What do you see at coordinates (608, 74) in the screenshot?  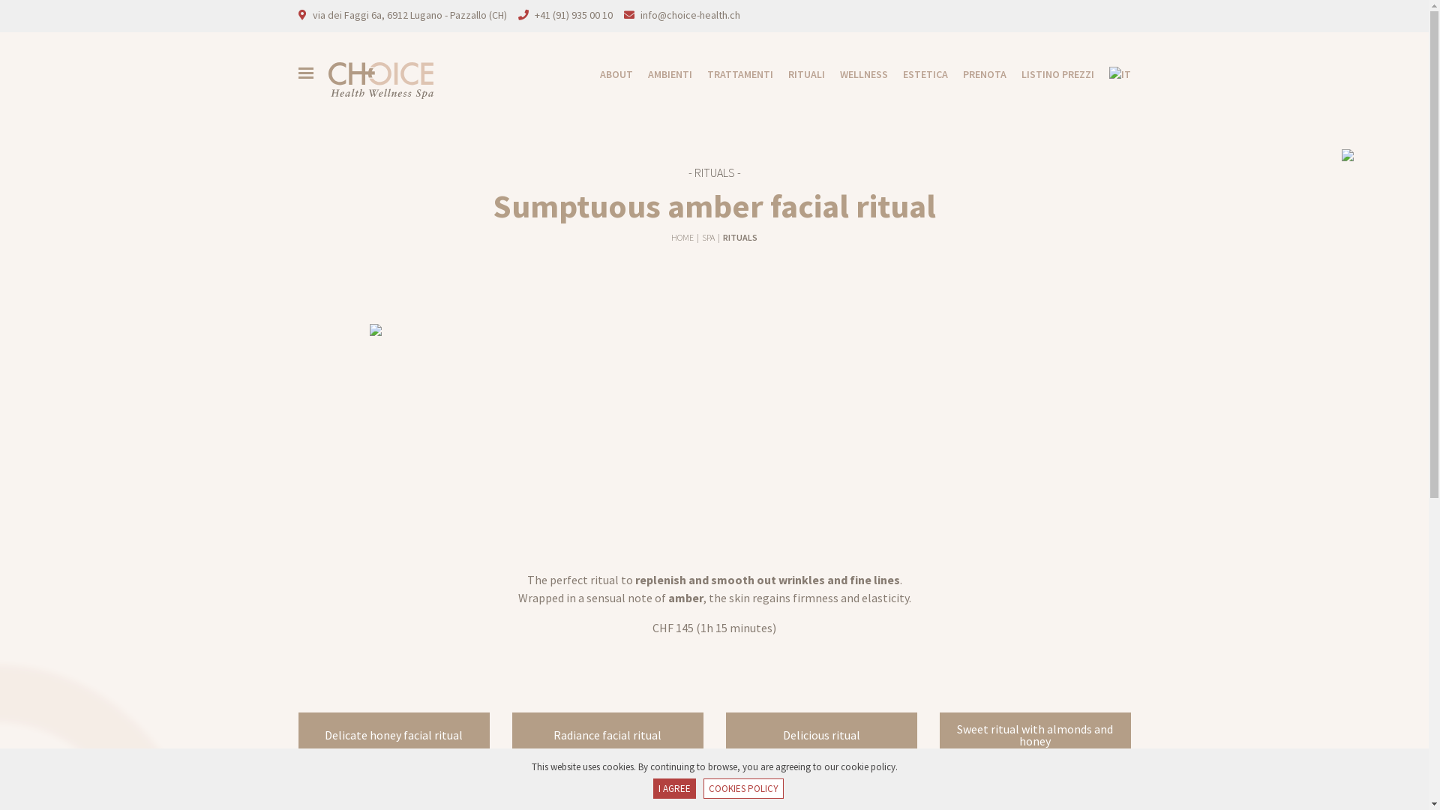 I see `'ABOUT'` at bounding box center [608, 74].